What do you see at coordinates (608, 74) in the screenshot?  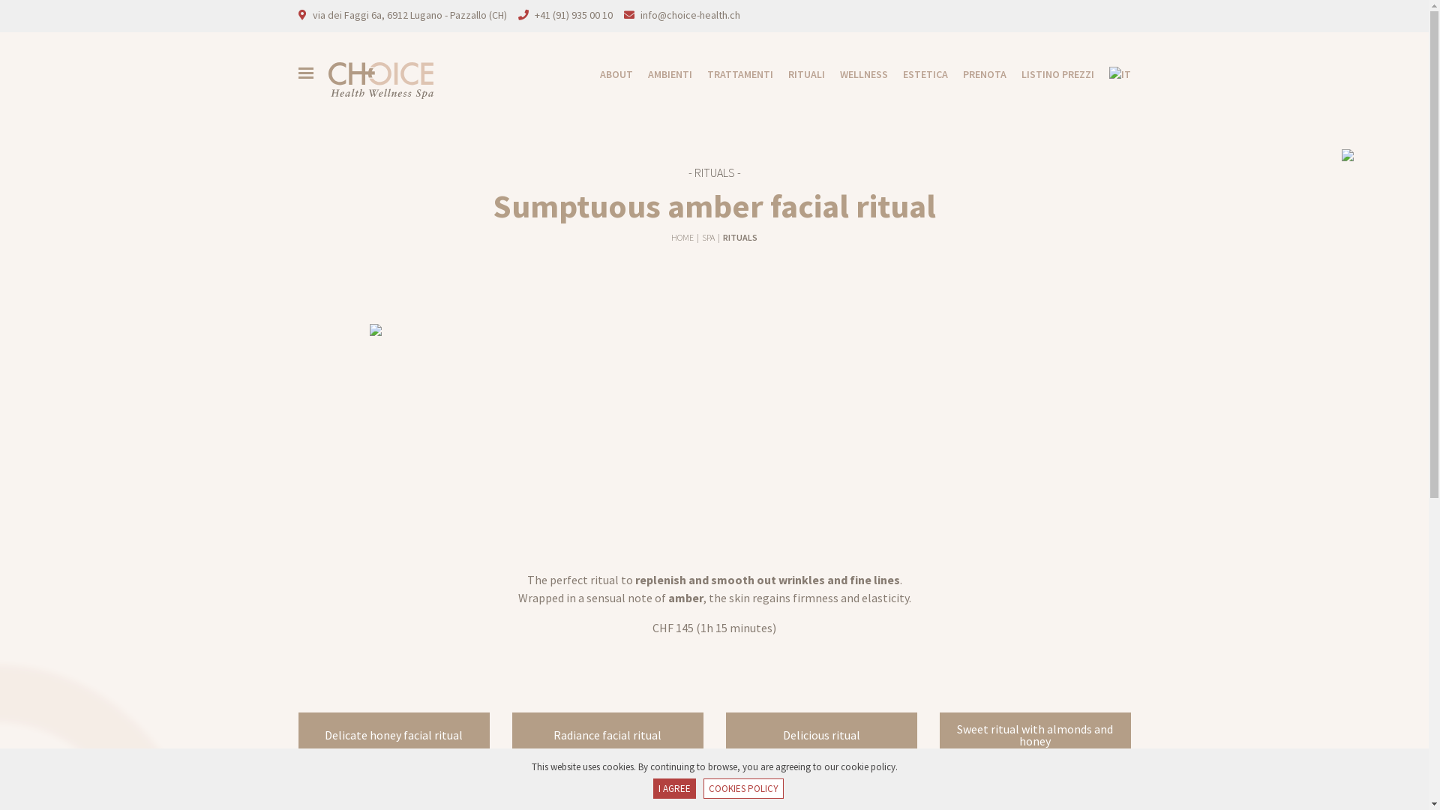 I see `'ABOUT'` at bounding box center [608, 74].